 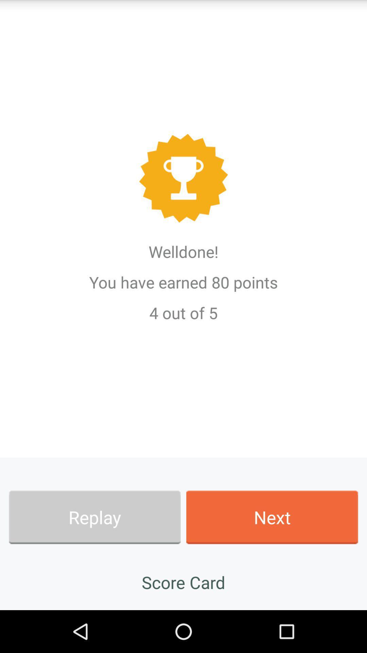 I want to click on item below the 4 out of app, so click(x=272, y=517).